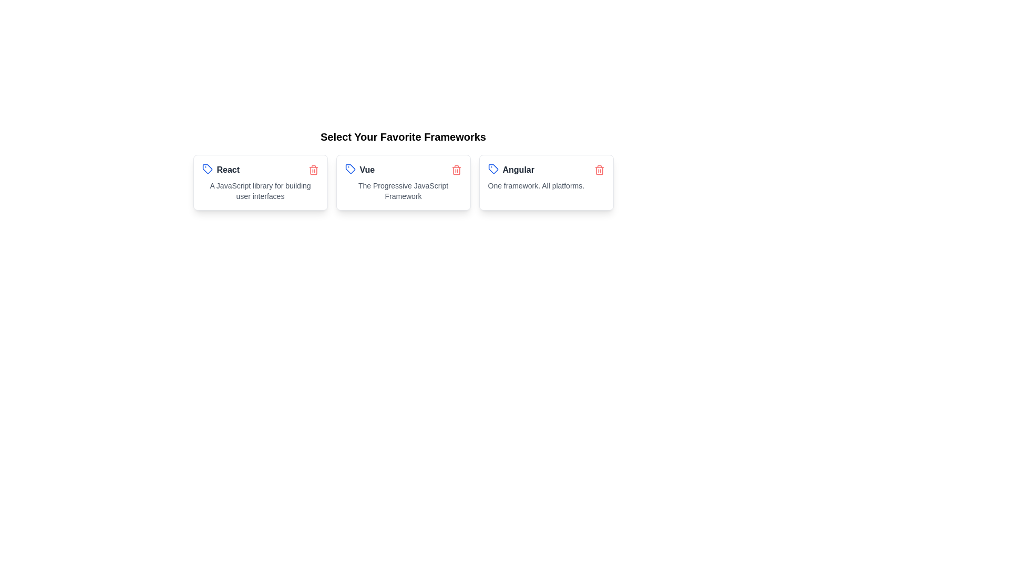 The image size is (1009, 567). What do you see at coordinates (546, 185) in the screenshot?
I see `the description of the framework Angular` at bounding box center [546, 185].